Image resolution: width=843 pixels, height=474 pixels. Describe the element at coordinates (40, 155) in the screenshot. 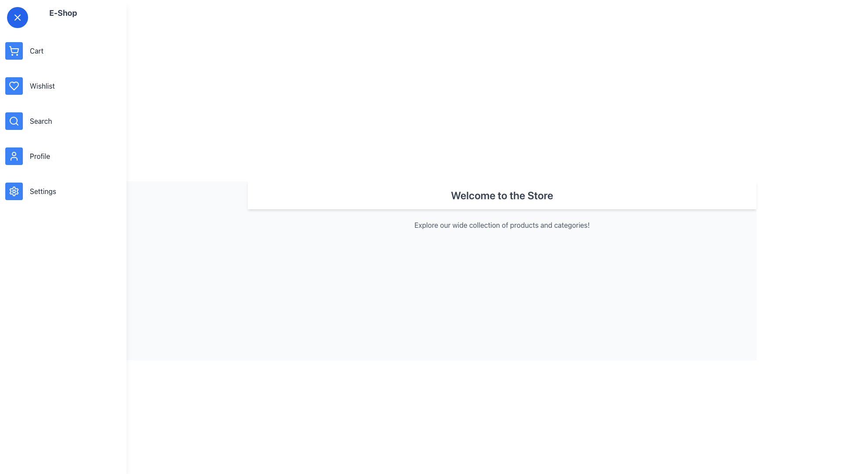

I see `the 'Profile' static text label in the vertical navigation menu, which is styled in black text against a white background and positioned between 'Search' and 'Settings'` at that location.